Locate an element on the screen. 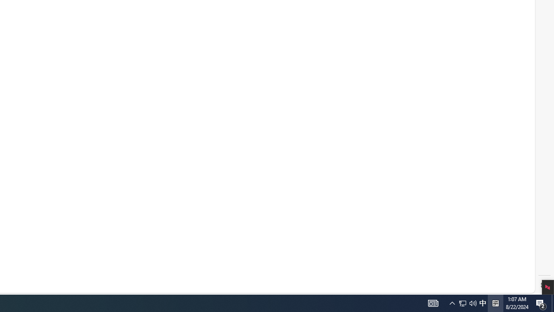 The width and height of the screenshot is (554, 312). 'Settings' is located at coordinates (544, 285).